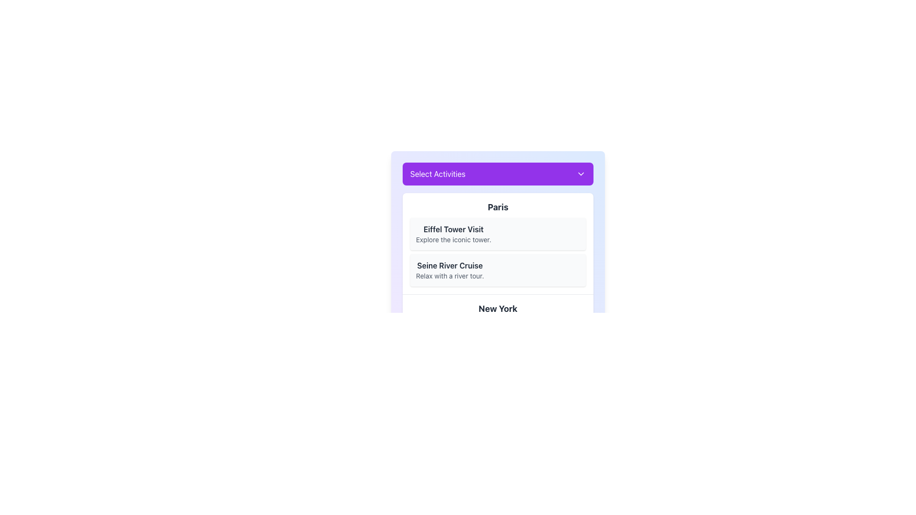 This screenshot has height=515, width=916. What do you see at coordinates (449, 270) in the screenshot?
I see `the 'Seine River Cruise' text label, which features two lines of text with the first line in a larger, bold dark gray font and the second line in a smaller, lighter gray font, located in a white rectangular box with rounded corners` at bounding box center [449, 270].